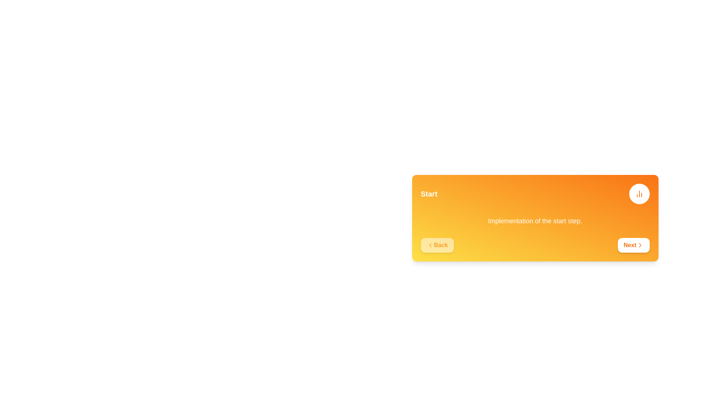  Describe the element at coordinates (535, 220) in the screenshot. I see `the text label displaying 'Implementation of the start step.' which is centered in an orange gradient box, located under the title 'Start' and above the navigation buttons` at that location.